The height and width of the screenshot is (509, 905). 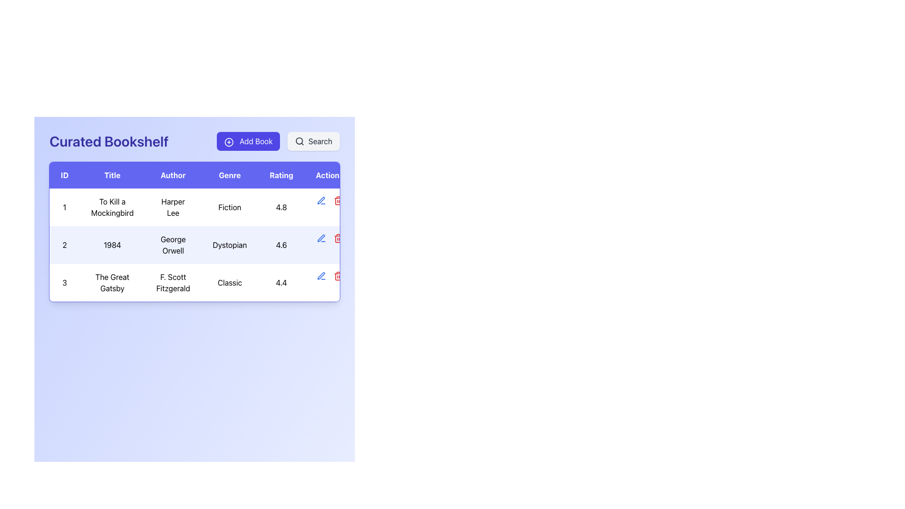 I want to click on the red trash can icon button located in the last column of the table, associated with the book 'To Kill a Mockingbird', so click(x=338, y=200).